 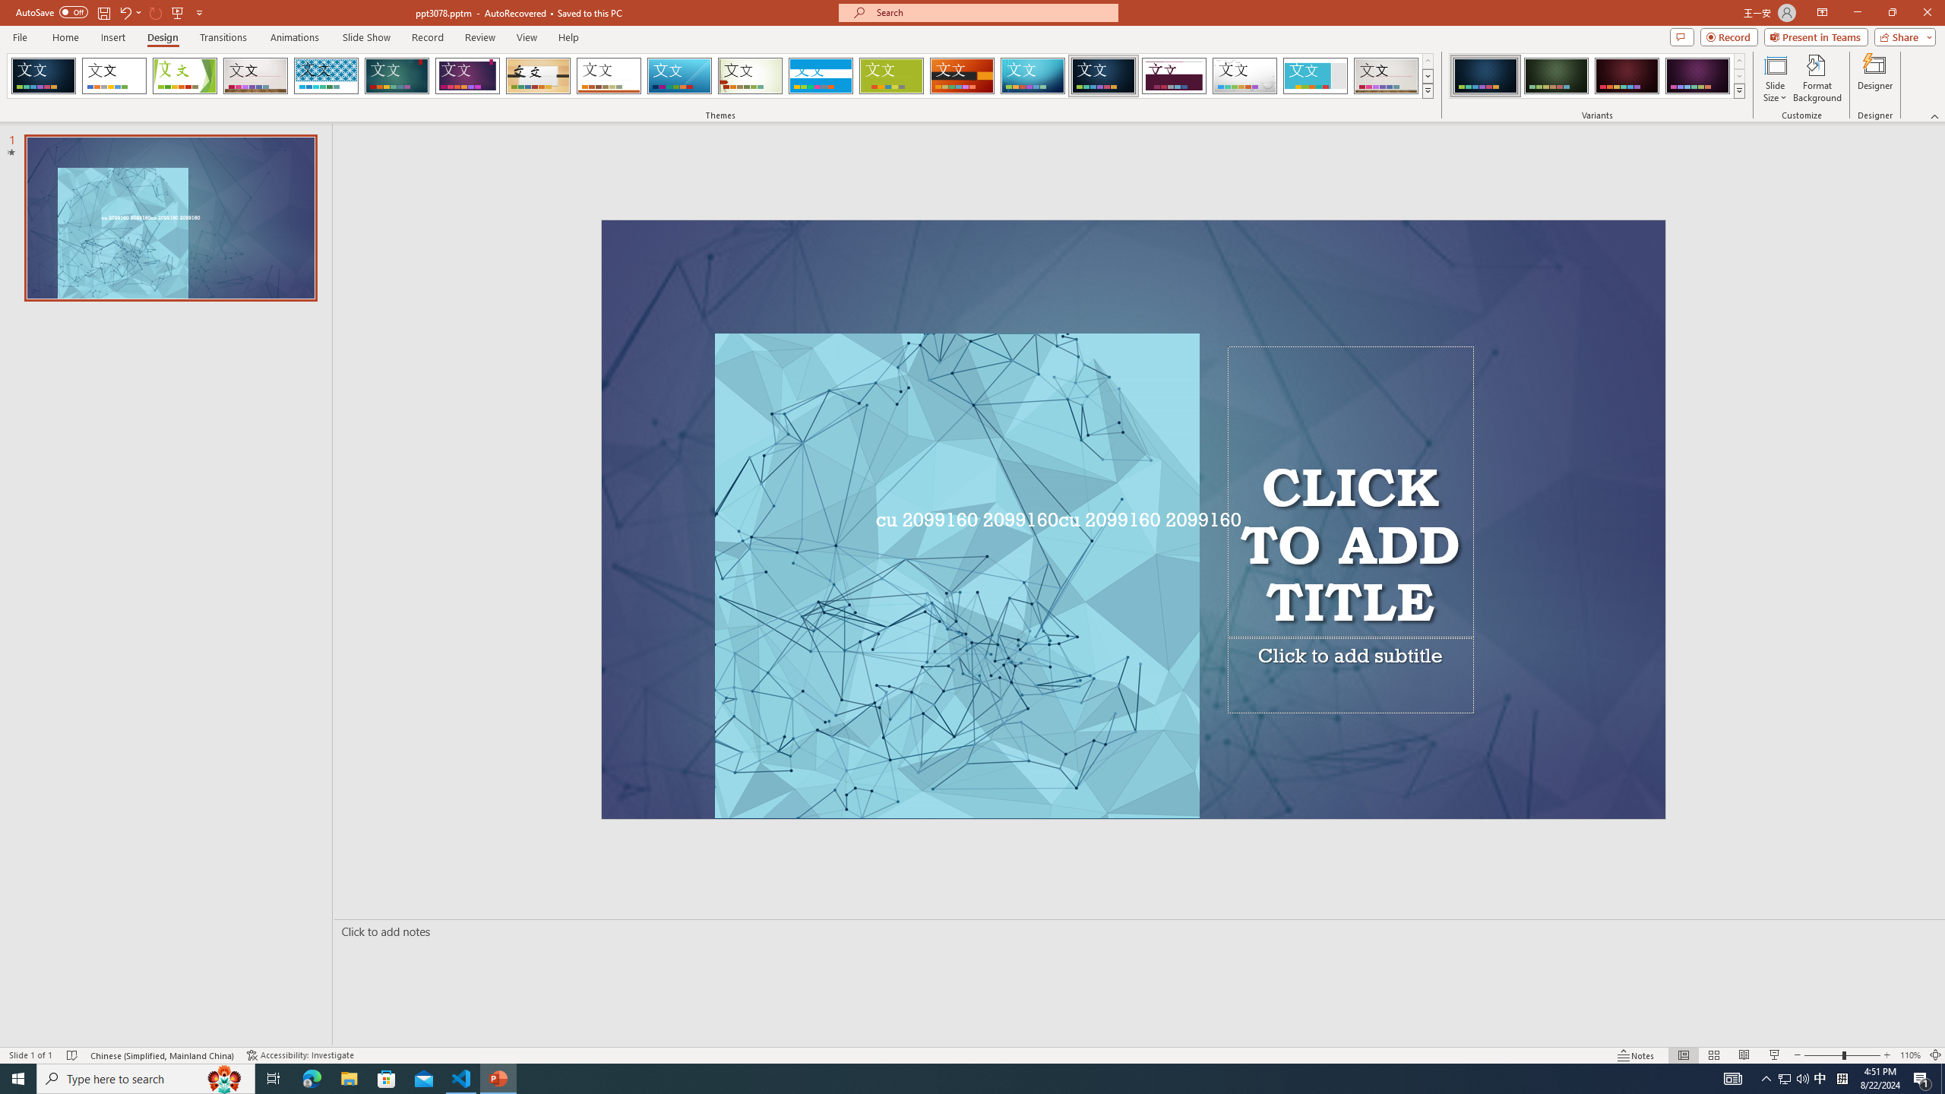 What do you see at coordinates (1697, 75) in the screenshot?
I see `'Damask Variant 4'` at bounding box center [1697, 75].